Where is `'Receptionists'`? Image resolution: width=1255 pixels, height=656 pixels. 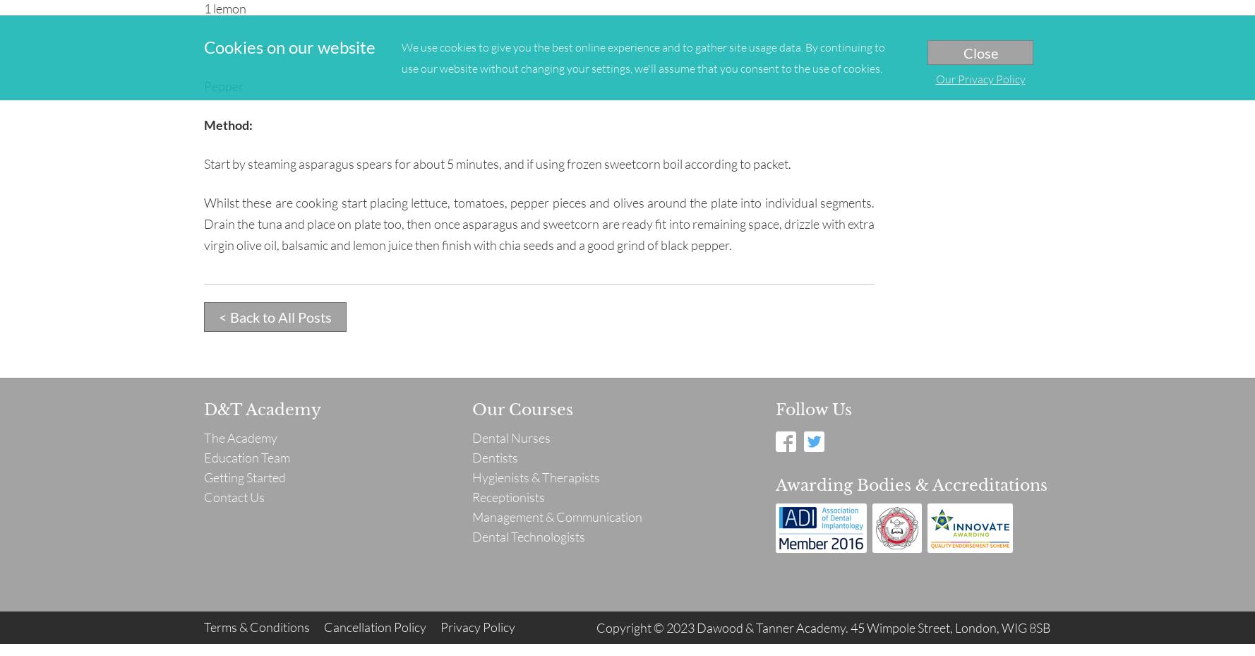
'Receptionists' is located at coordinates (508, 496).